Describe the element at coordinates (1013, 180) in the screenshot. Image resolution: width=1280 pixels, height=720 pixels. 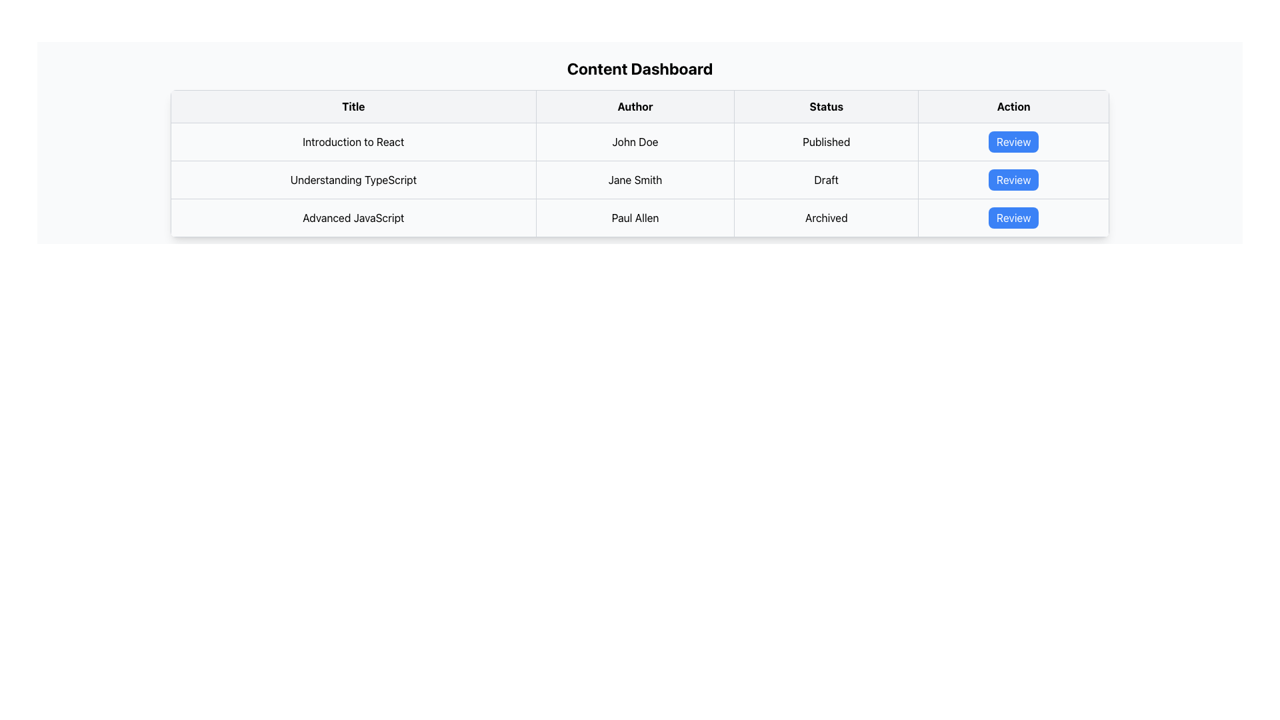
I see `the 'Review' button, which is a rectangular button with rounded corners, blue background, and white text, located in the second position of the 'Action' column for the 'Understanding TypeScript' row` at that location.